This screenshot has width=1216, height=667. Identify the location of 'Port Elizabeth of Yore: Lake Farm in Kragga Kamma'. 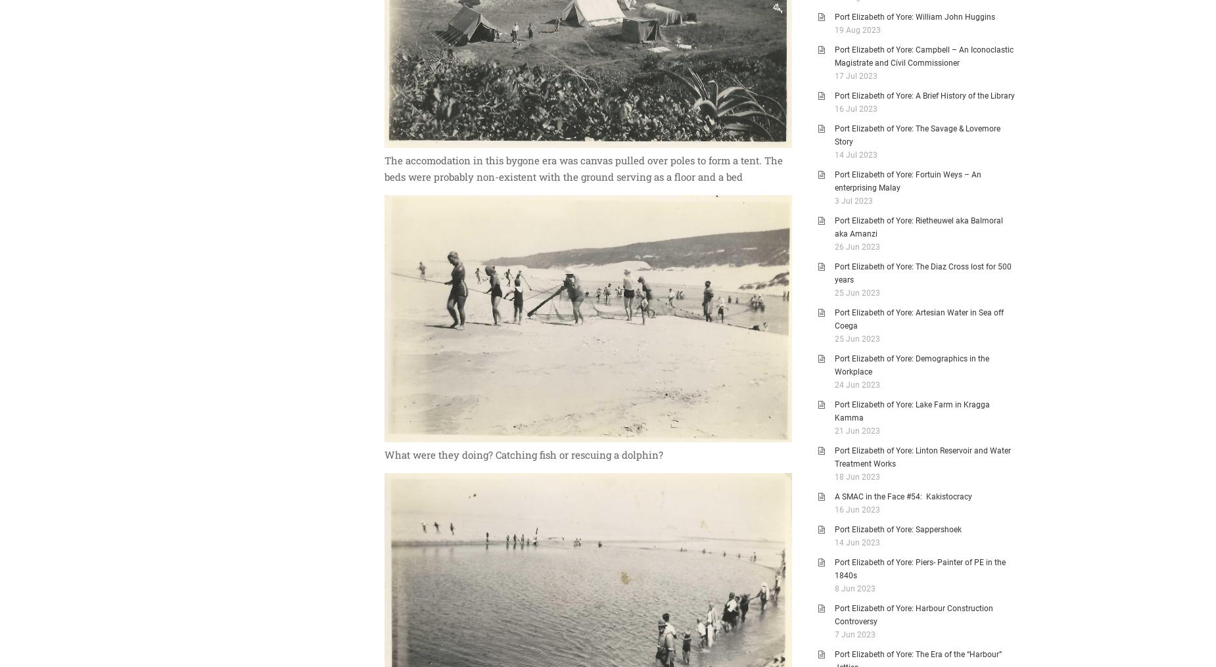
(912, 410).